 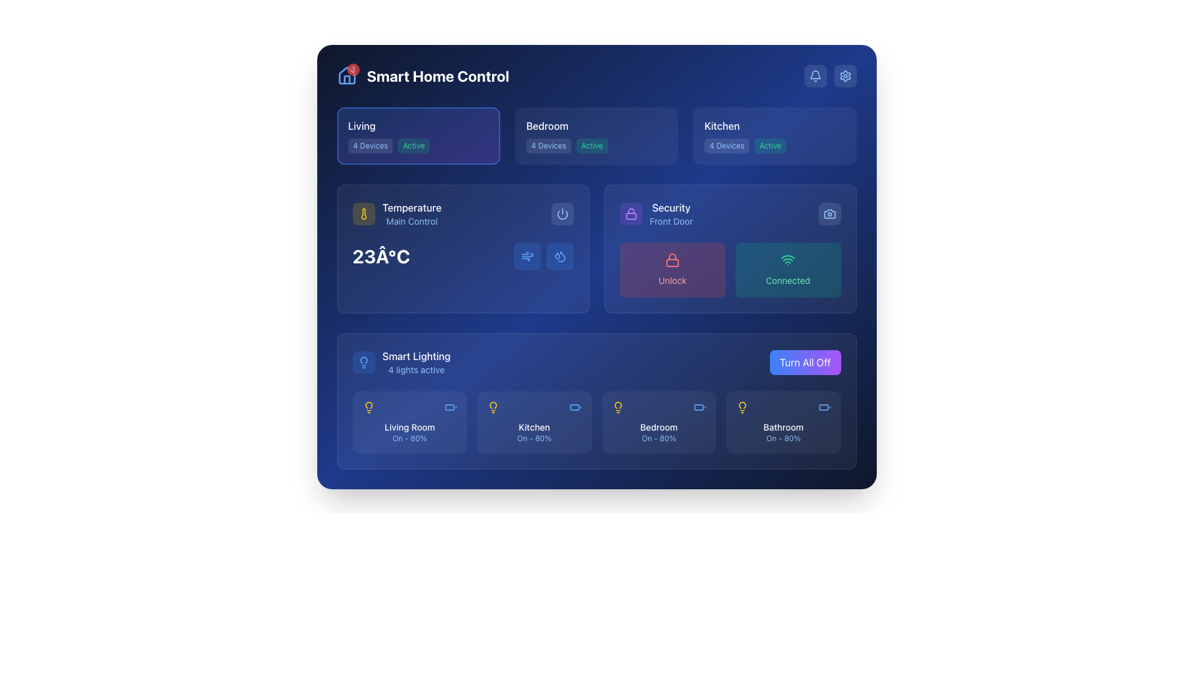 I want to click on the notification count by interacting with the Notification Badge located at the top-right corner of the house icon in the notification area, so click(x=352, y=69).